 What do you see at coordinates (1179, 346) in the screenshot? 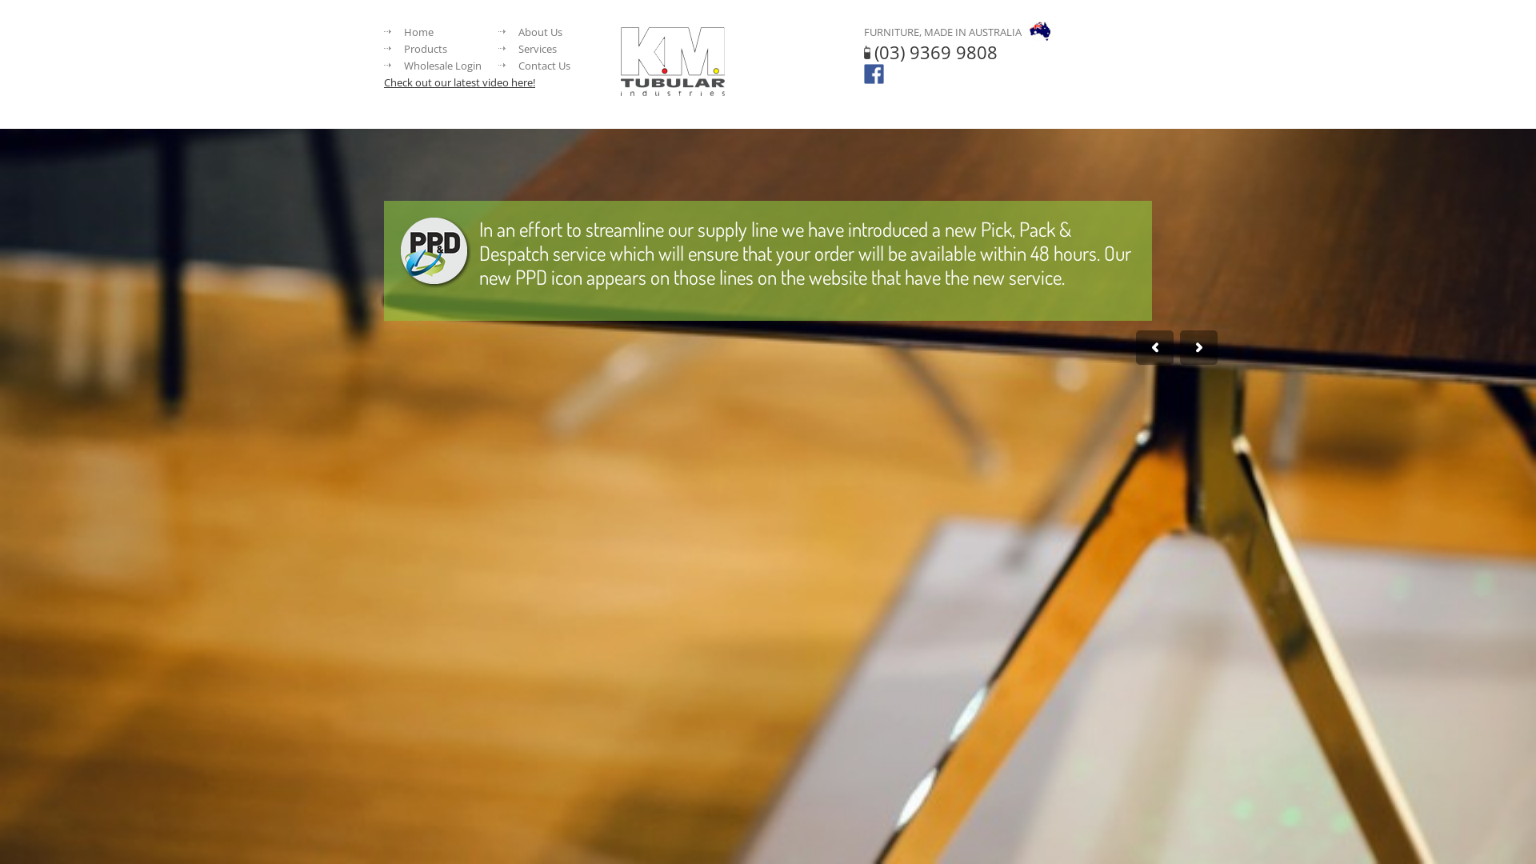
I see `'Next'` at bounding box center [1179, 346].